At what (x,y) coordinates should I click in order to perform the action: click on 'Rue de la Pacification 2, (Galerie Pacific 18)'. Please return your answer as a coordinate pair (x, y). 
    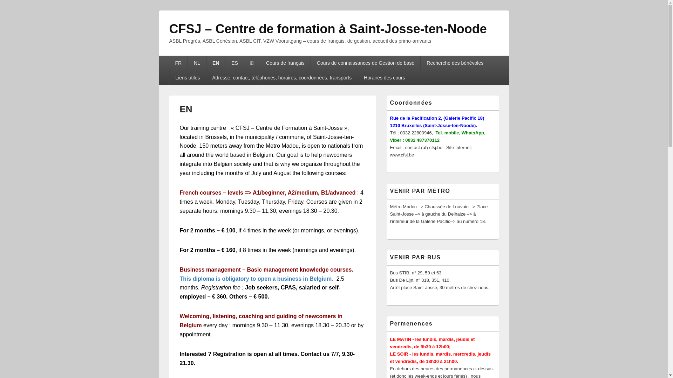
    Looking at the image, I should click on (436, 118).